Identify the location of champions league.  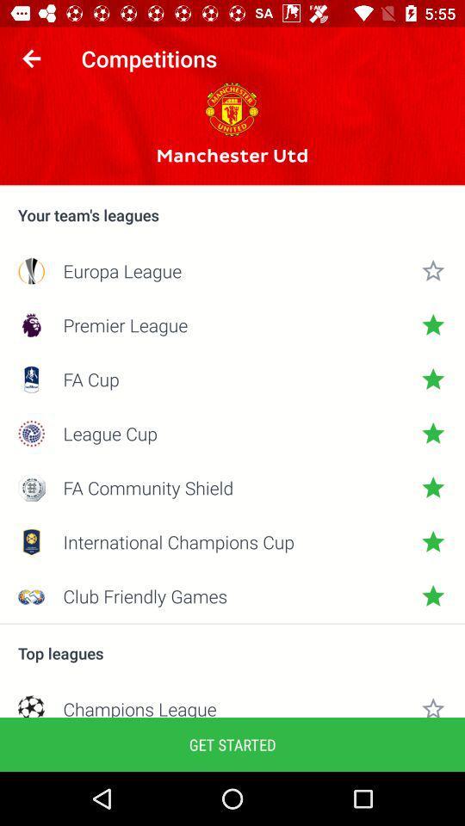
(232, 706).